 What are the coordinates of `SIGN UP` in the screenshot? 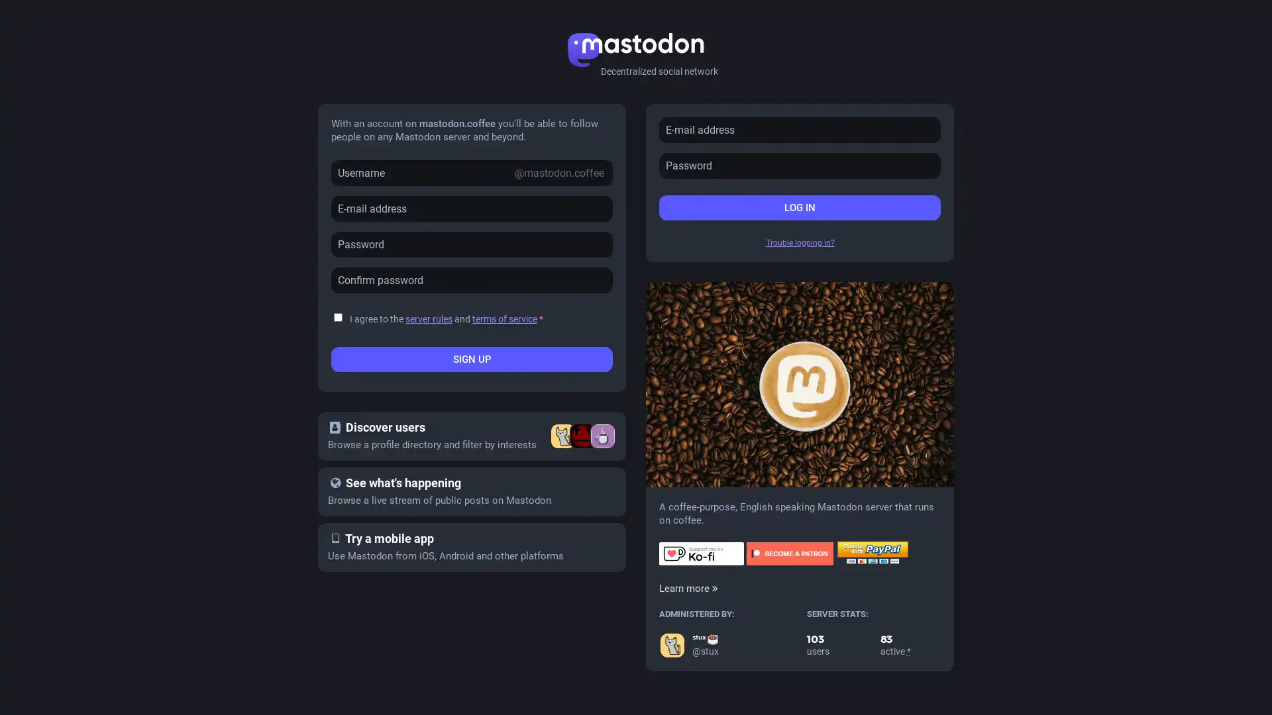 It's located at (472, 359).